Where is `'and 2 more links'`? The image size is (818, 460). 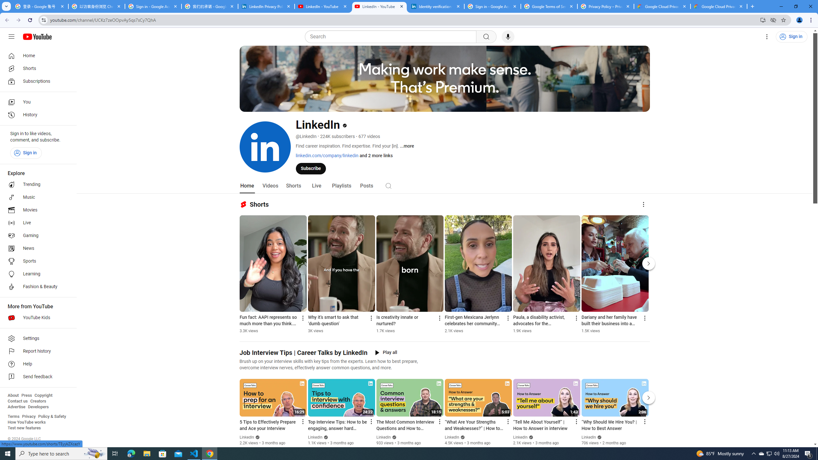 'and 2 more links' is located at coordinates (375, 155).